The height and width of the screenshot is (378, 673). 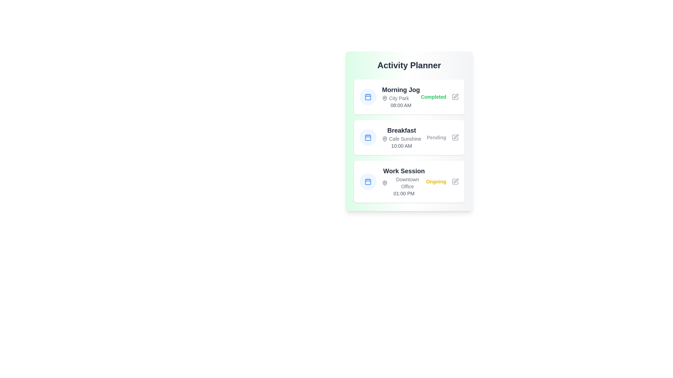 What do you see at coordinates (455, 97) in the screenshot?
I see `the edit pencil icon with a gray outline located after the word 'Completed' in the 'Morning Jog' task row of the 'Activity Planner'` at bounding box center [455, 97].